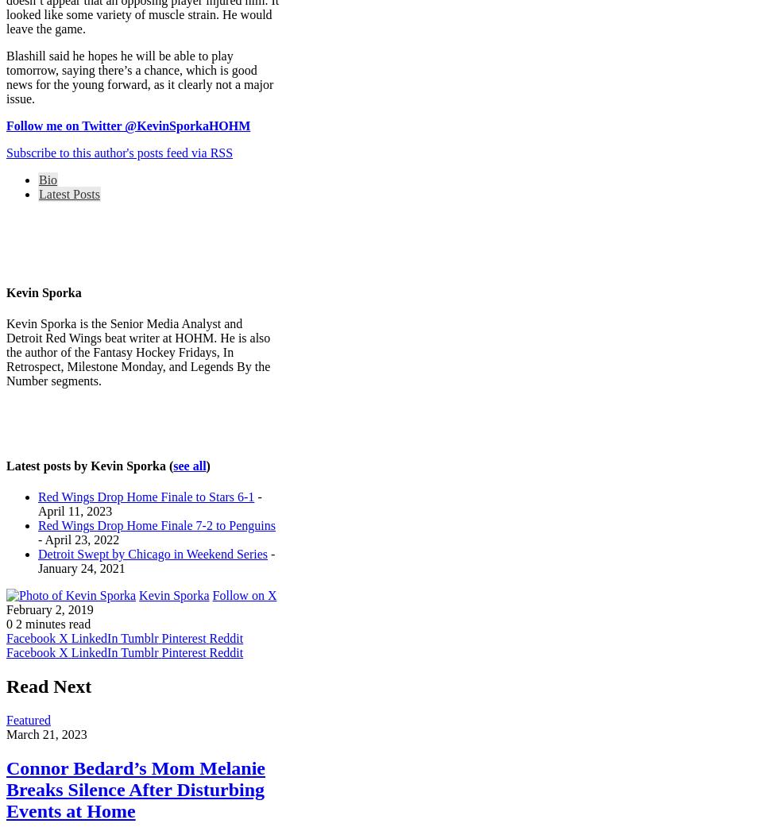 This screenshot has height=839, width=777. Describe the element at coordinates (38, 525) in the screenshot. I see `'Red Wings Drop Home Finale 7-2 to Penguins'` at that location.